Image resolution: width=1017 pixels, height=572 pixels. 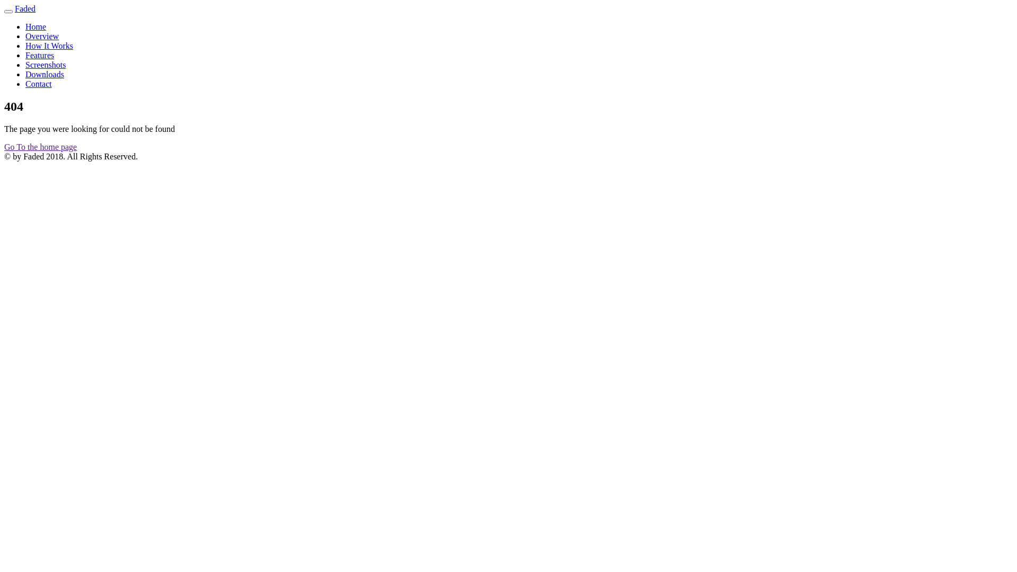 I want to click on 'Faded', so click(x=25, y=8).